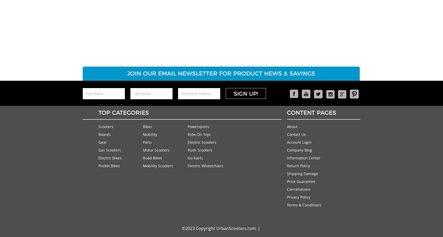 The width and height of the screenshot is (443, 237). Describe the element at coordinates (98, 157) in the screenshot. I see `'Electric Bikes'` at that location.